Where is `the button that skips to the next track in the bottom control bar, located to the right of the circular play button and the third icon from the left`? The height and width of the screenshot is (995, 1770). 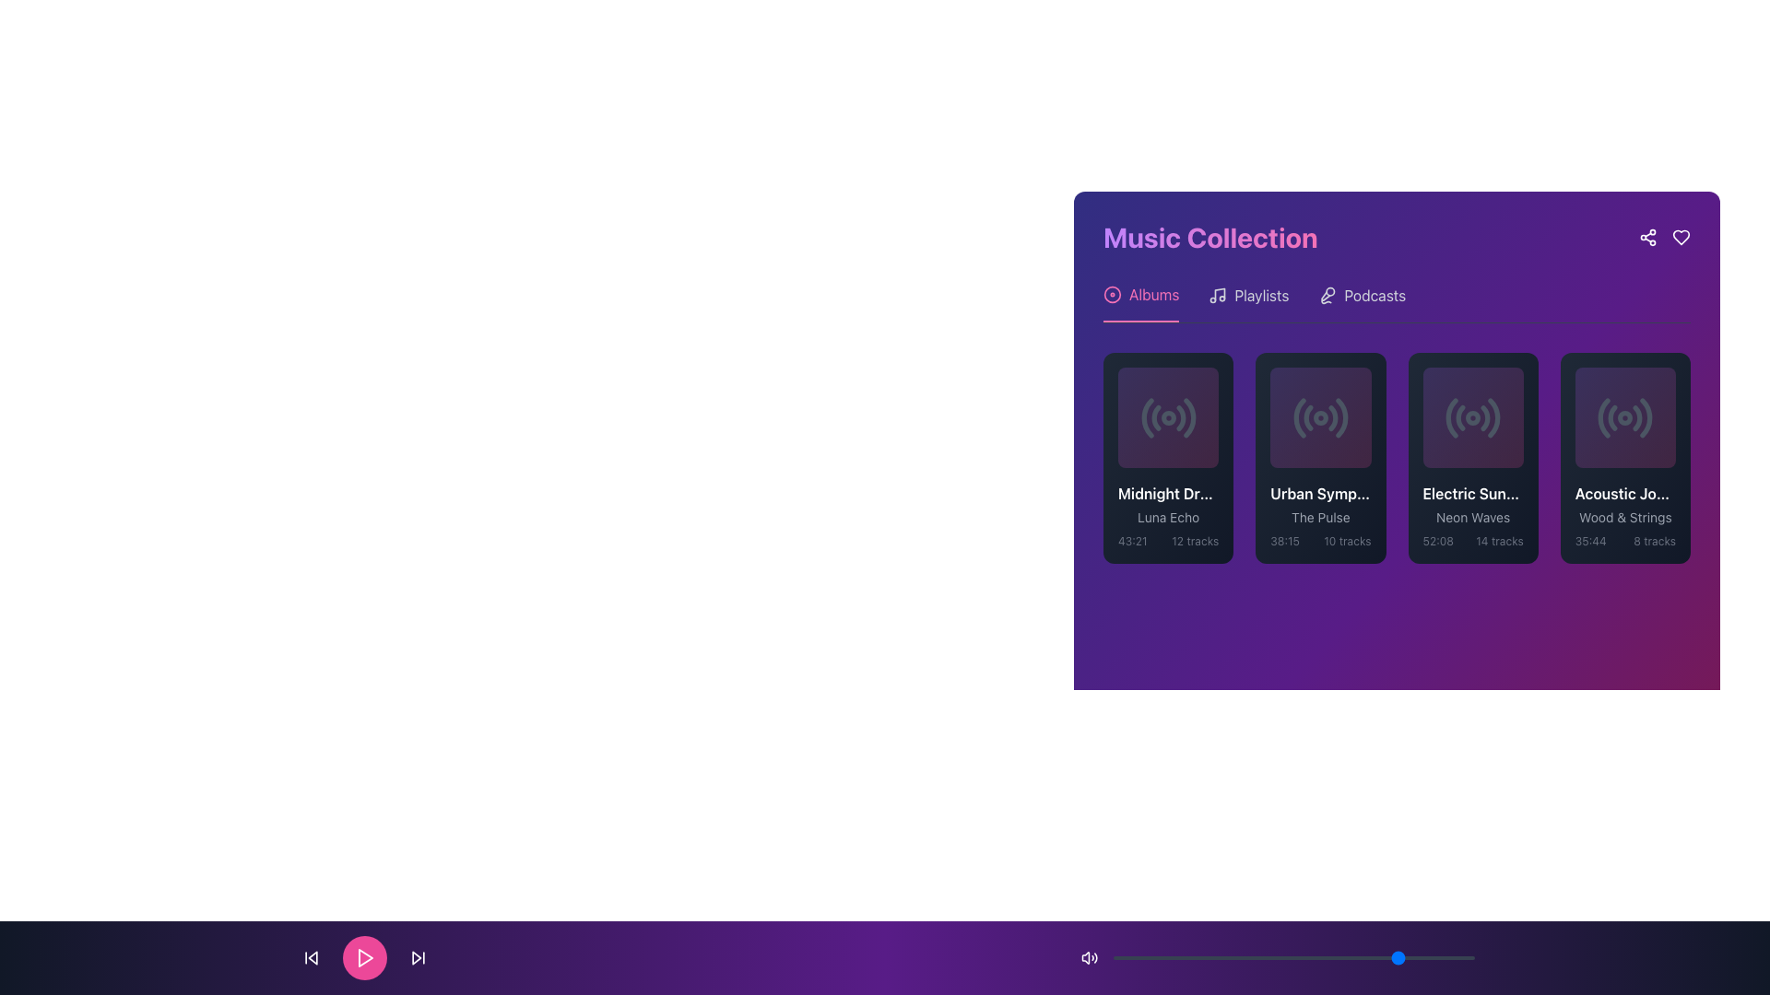 the button that skips to the next track in the bottom control bar, located to the right of the circular play button and the third icon from the left is located at coordinates (418, 957).